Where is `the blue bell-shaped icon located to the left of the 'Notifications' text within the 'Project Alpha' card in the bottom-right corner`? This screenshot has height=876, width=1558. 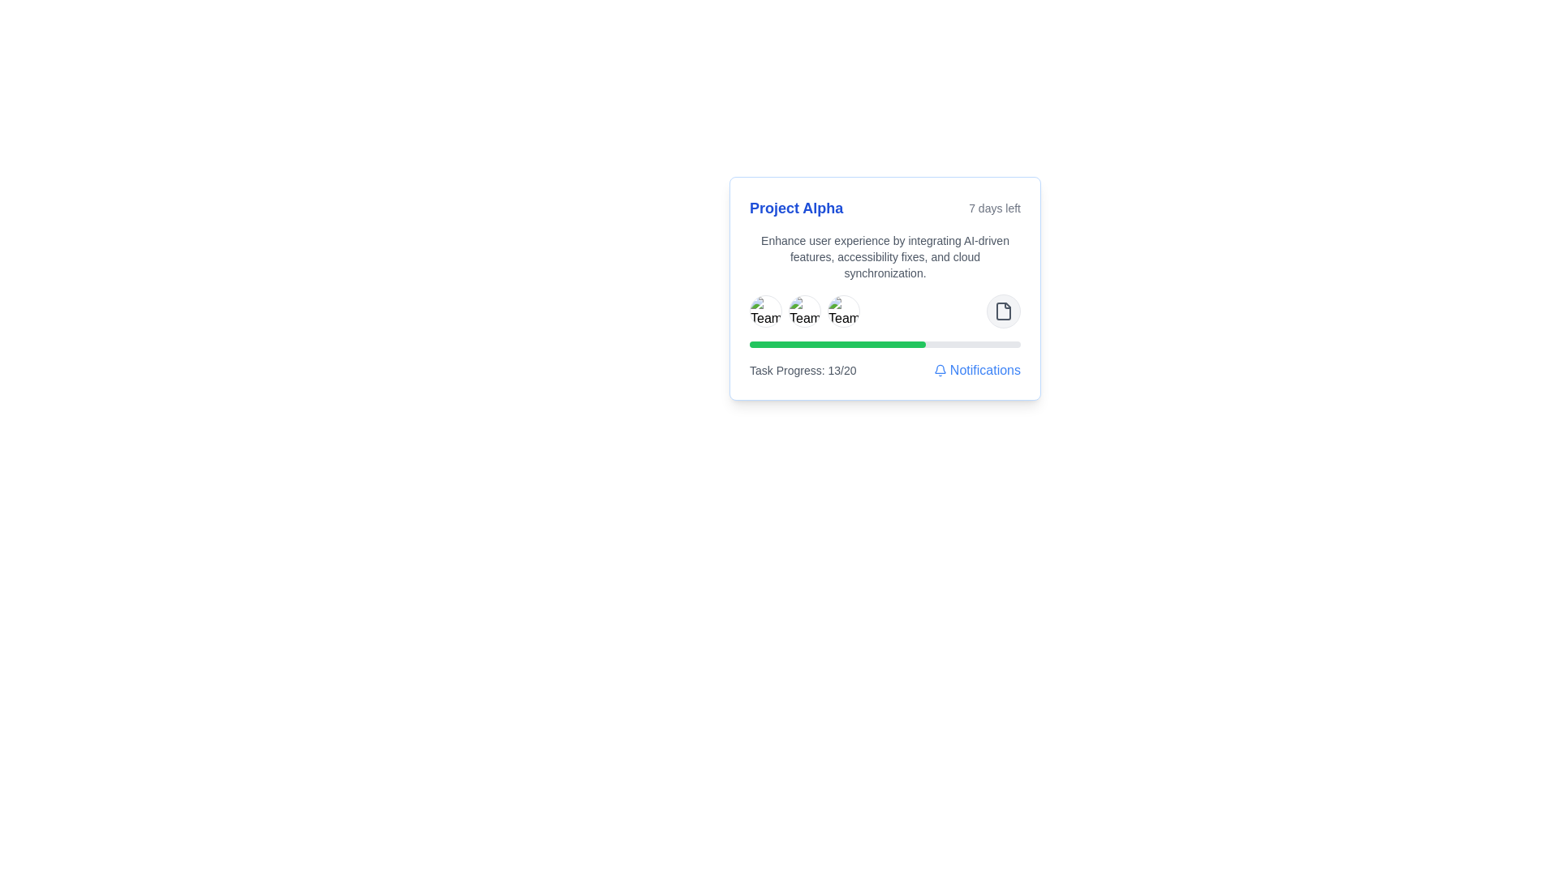 the blue bell-shaped icon located to the left of the 'Notifications' text within the 'Project Alpha' card in the bottom-right corner is located at coordinates (940, 370).